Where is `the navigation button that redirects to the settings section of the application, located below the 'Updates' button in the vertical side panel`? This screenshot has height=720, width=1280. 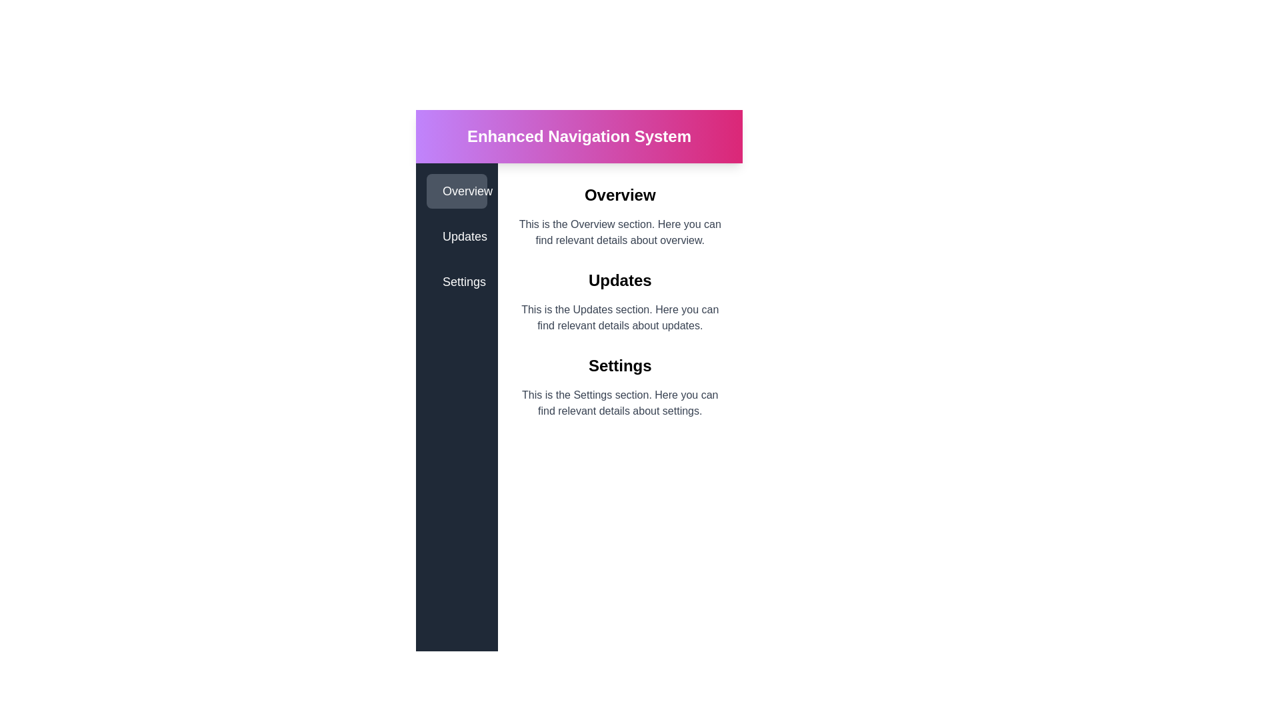 the navigation button that redirects to the settings section of the application, located below the 'Updates' button in the vertical side panel is located at coordinates (457, 281).